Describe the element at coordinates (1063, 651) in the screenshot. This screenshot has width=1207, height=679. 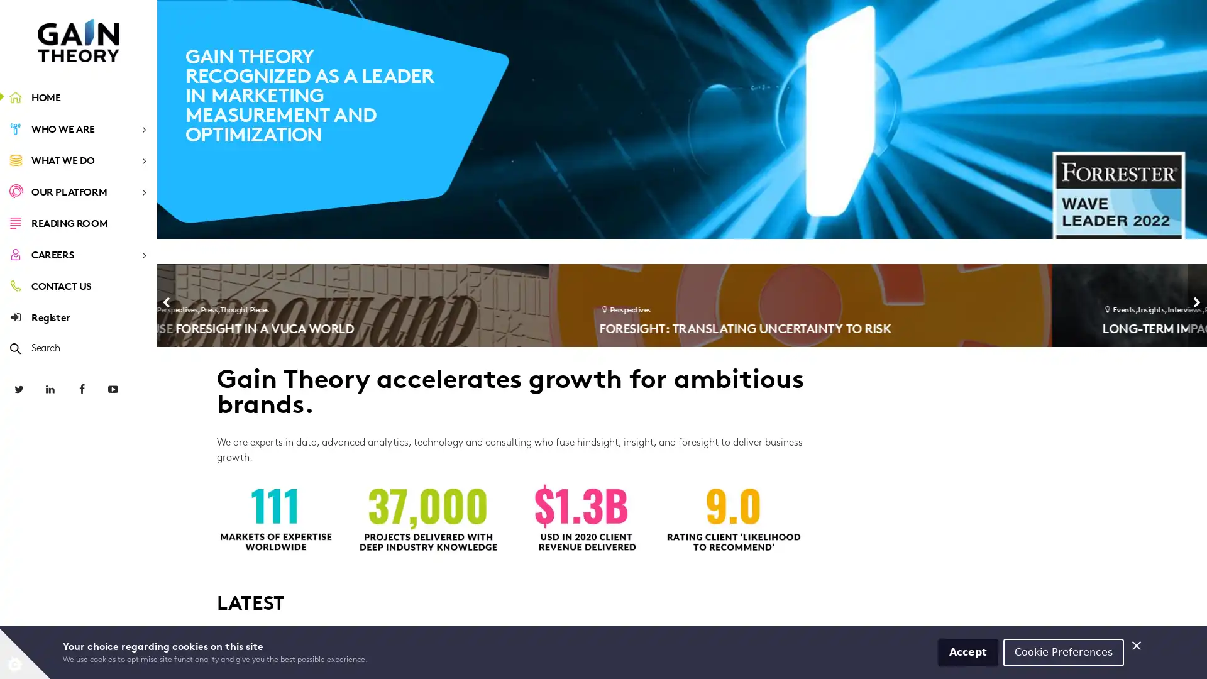
I see `Cookie Preferences` at that location.